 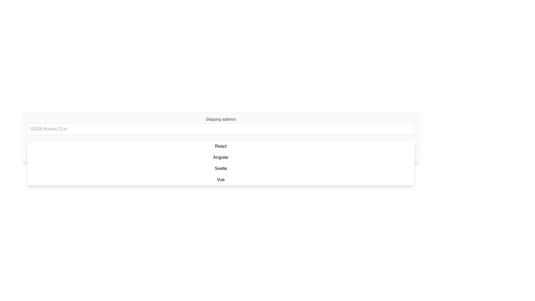 What do you see at coordinates (220, 157) in the screenshot?
I see `the 'Angular' option in the dropdown menu, which is the second item in the list located below 'React' and above 'Svelte'` at bounding box center [220, 157].